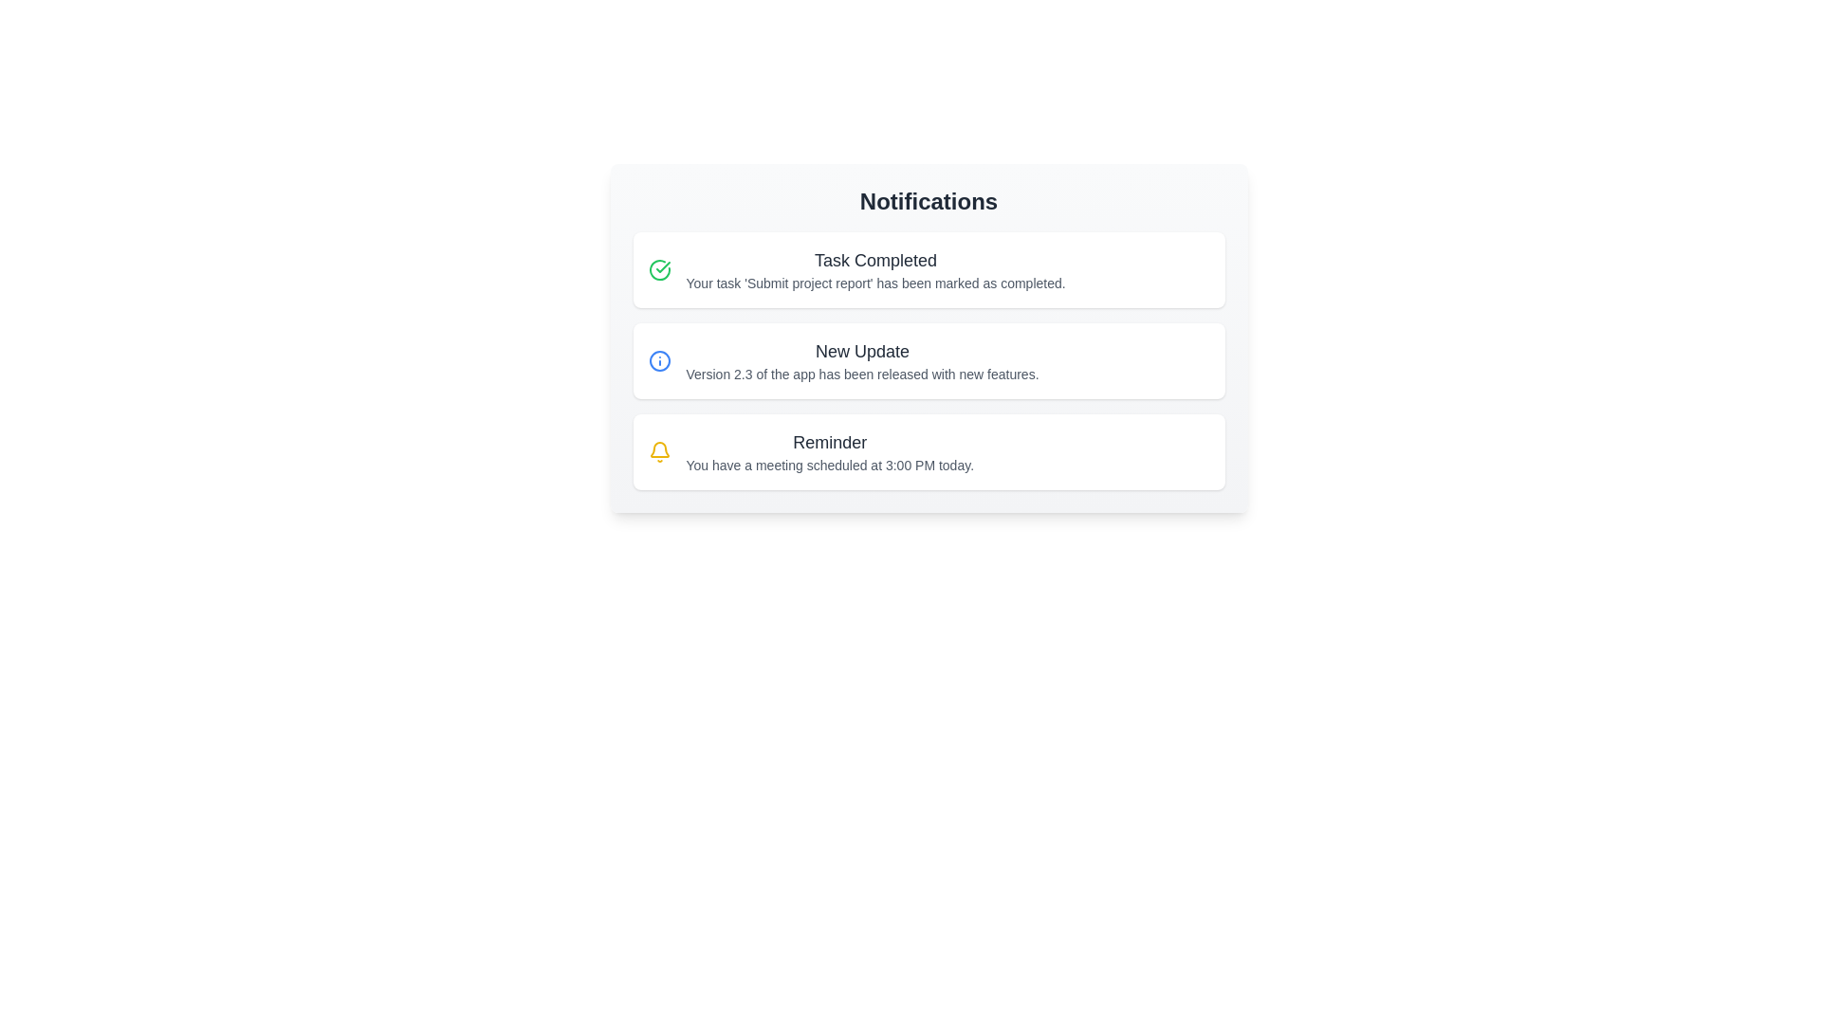 This screenshot has height=1024, width=1821. I want to click on the notification titled 'Task Completed' to read its details, so click(929, 270).